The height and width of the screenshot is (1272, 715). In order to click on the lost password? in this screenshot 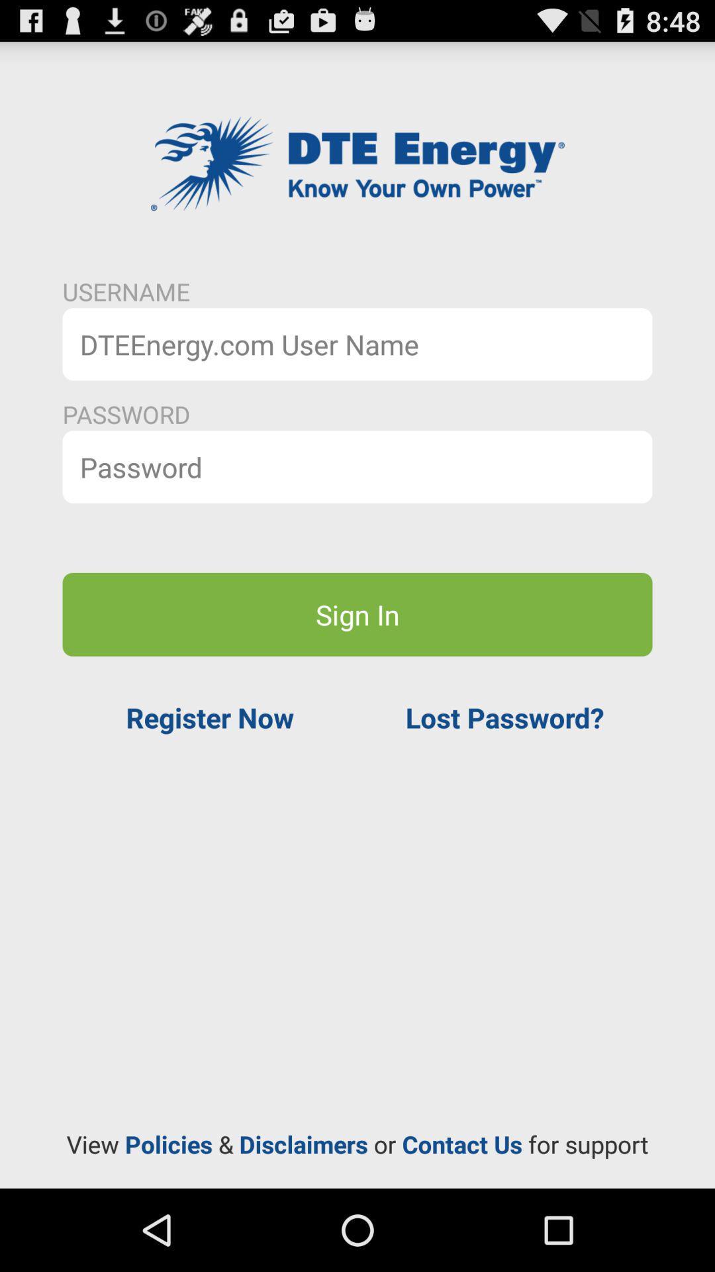, I will do `click(504, 717)`.